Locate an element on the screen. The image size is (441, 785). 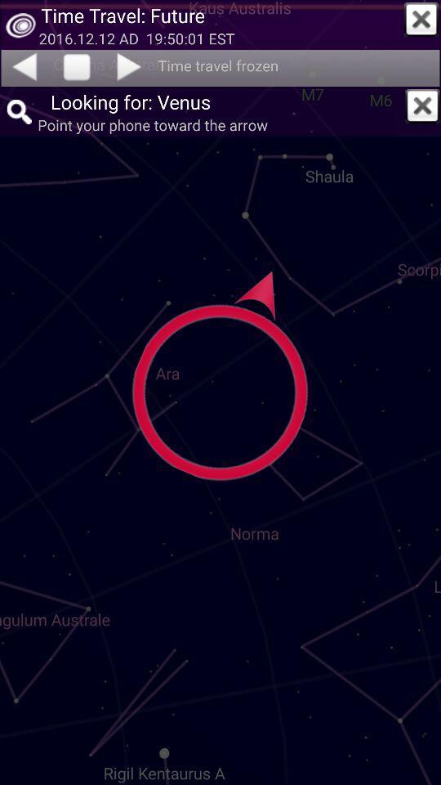
the close icon is located at coordinates (421, 19).